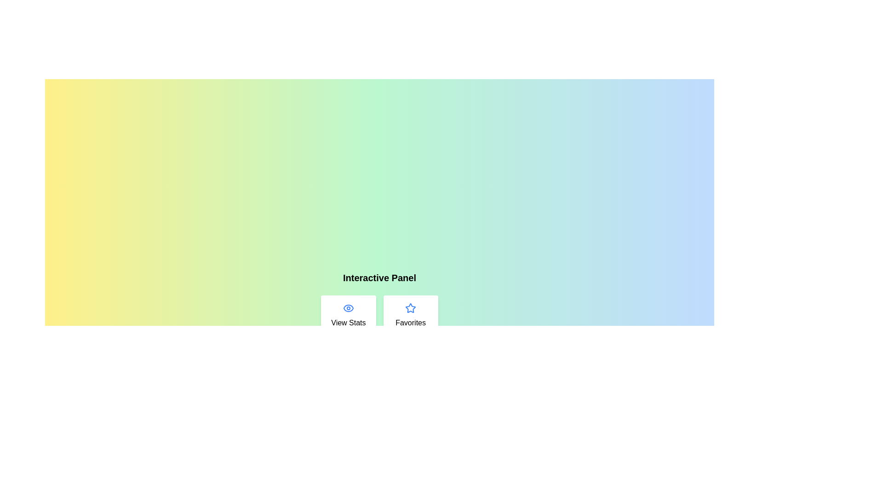  What do you see at coordinates (410, 315) in the screenshot?
I see `the favorites button located in the second column under the 'Interactive Panel' section` at bounding box center [410, 315].